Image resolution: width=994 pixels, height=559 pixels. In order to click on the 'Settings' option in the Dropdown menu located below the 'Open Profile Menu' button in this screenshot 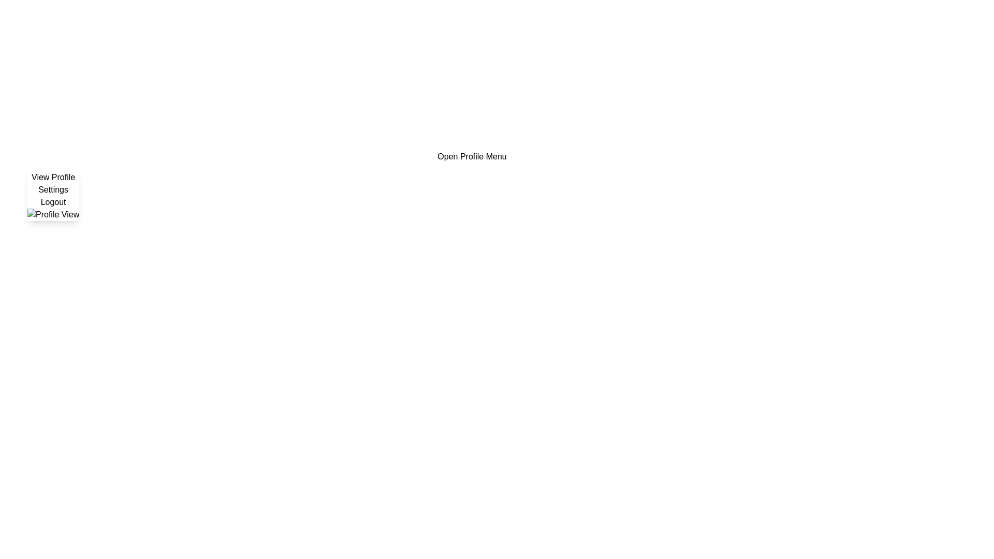, I will do `click(53, 196)`.